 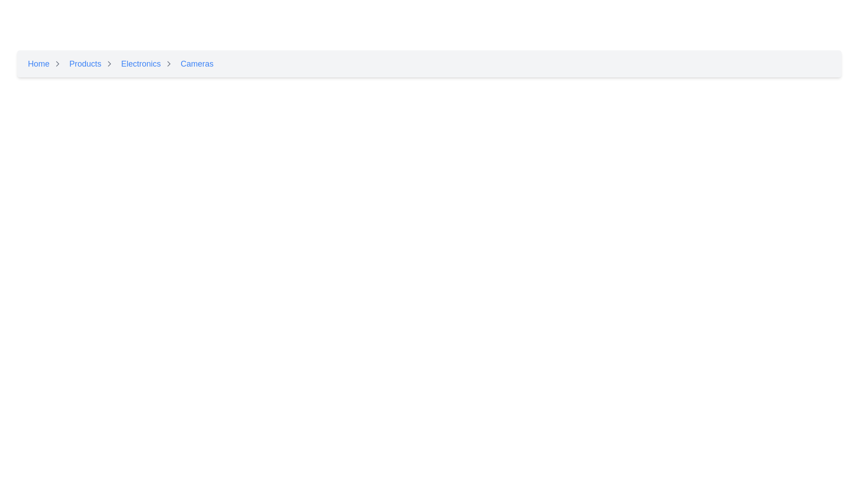 What do you see at coordinates (169, 63) in the screenshot?
I see `the visual delimiter icon in the breadcrumb navigation bar located between 'Electronics' and 'Cameras' links` at bounding box center [169, 63].